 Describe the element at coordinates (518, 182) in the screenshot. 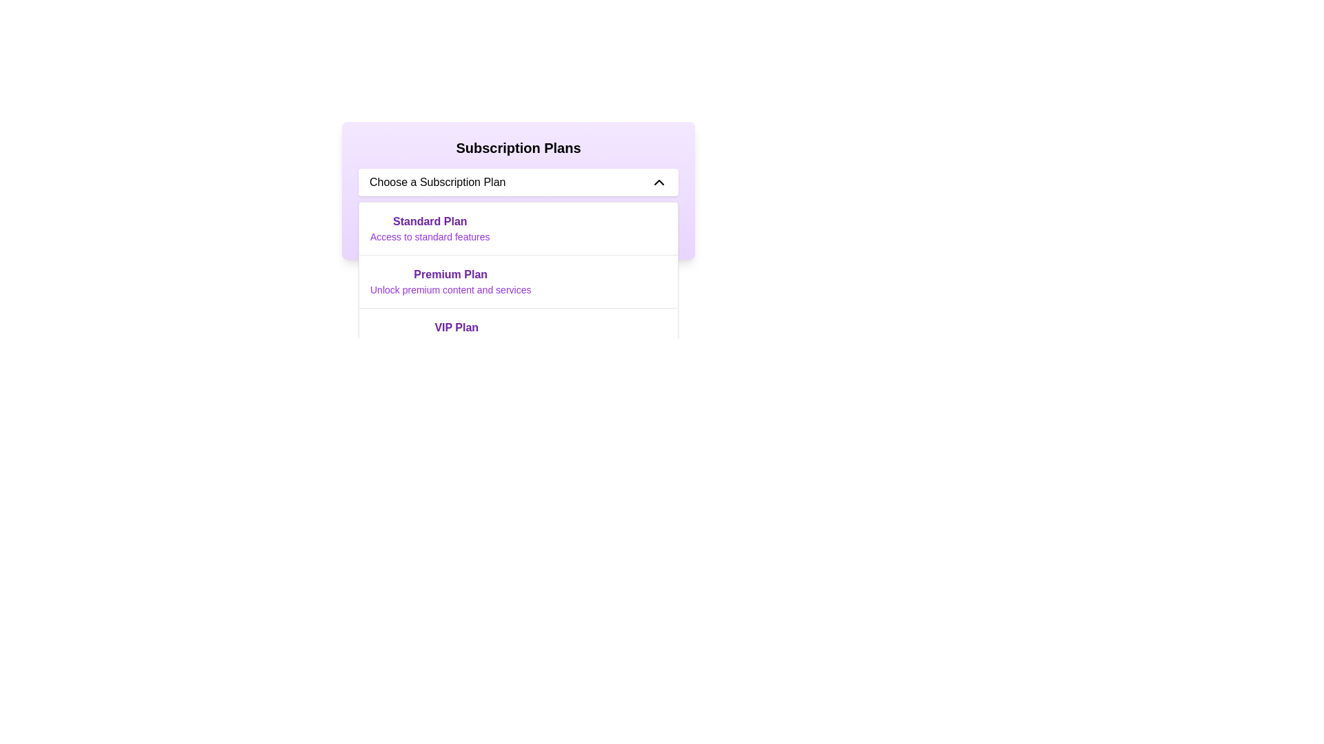

I see `the dropdown button labeled 'Choose a Subscription Plan'` at that location.